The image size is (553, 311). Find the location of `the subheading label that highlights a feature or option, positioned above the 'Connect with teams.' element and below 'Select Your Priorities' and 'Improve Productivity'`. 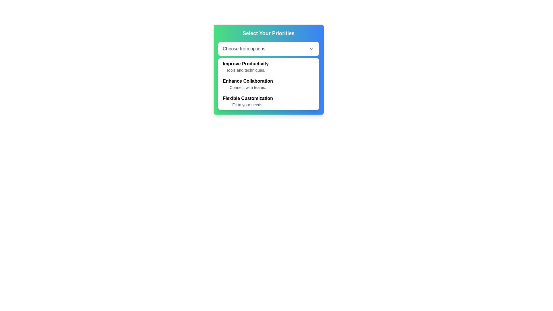

the subheading label that highlights a feature or option, positioned above the 'Connect with teams.' element and below 'Select Your Priorities' and 'Improve Productivity' is located at coordinates (248, 81).